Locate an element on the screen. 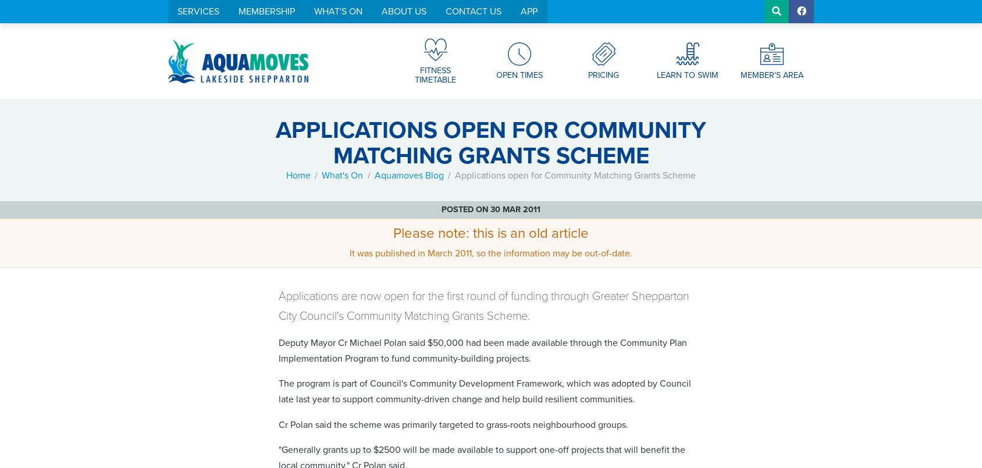 This screenshot has width=982, height=468. 'Posted on 30 Mar 2011' is located at coordinates (490, 209).